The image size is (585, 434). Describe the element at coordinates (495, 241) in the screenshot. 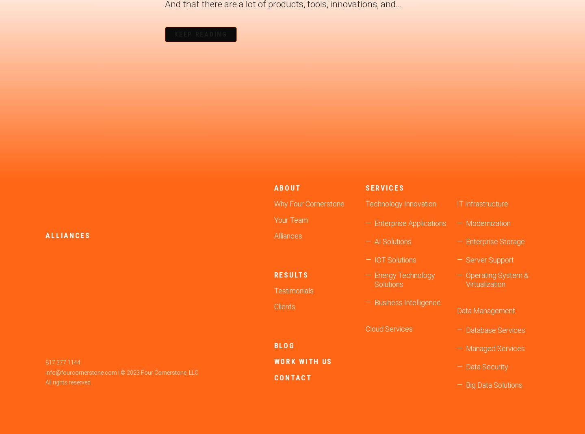

I see `'Enterprise Storage'` at that location.